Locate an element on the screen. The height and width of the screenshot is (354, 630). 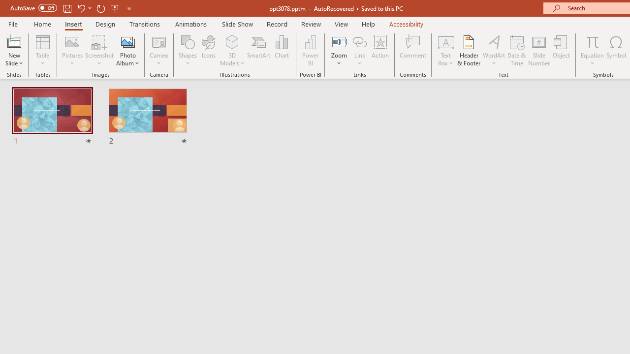
'Link' is located at coordinates (359, 41).